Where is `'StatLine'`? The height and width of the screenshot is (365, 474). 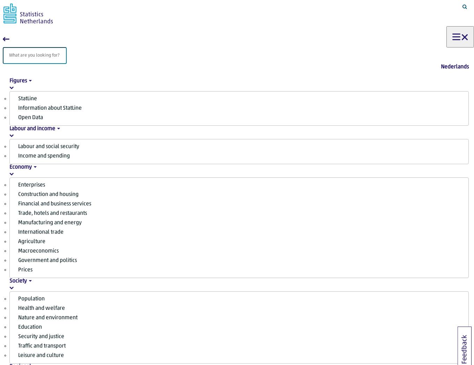 'StatLine' is located at coordinates (27, 98).